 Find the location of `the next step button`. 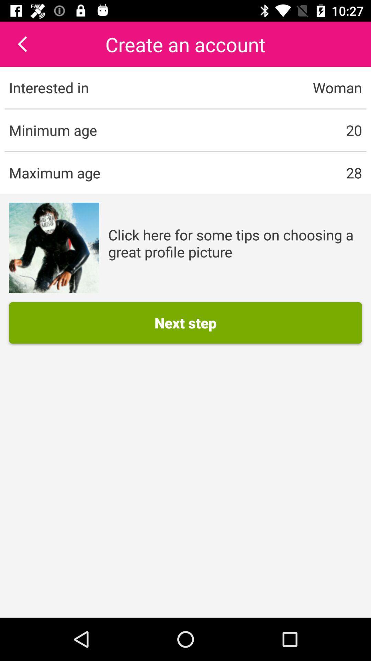

the next step button is located at coordinates (185, 322).